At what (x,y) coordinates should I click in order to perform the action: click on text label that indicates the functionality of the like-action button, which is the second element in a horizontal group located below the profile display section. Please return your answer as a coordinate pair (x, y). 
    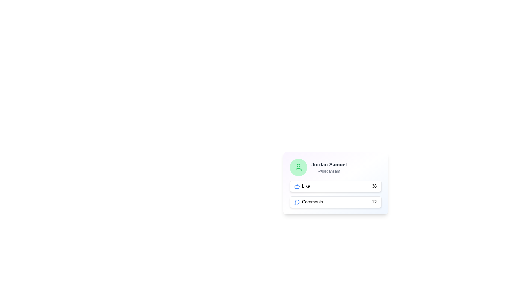
    Looking at the image, I should click on (306, 186).